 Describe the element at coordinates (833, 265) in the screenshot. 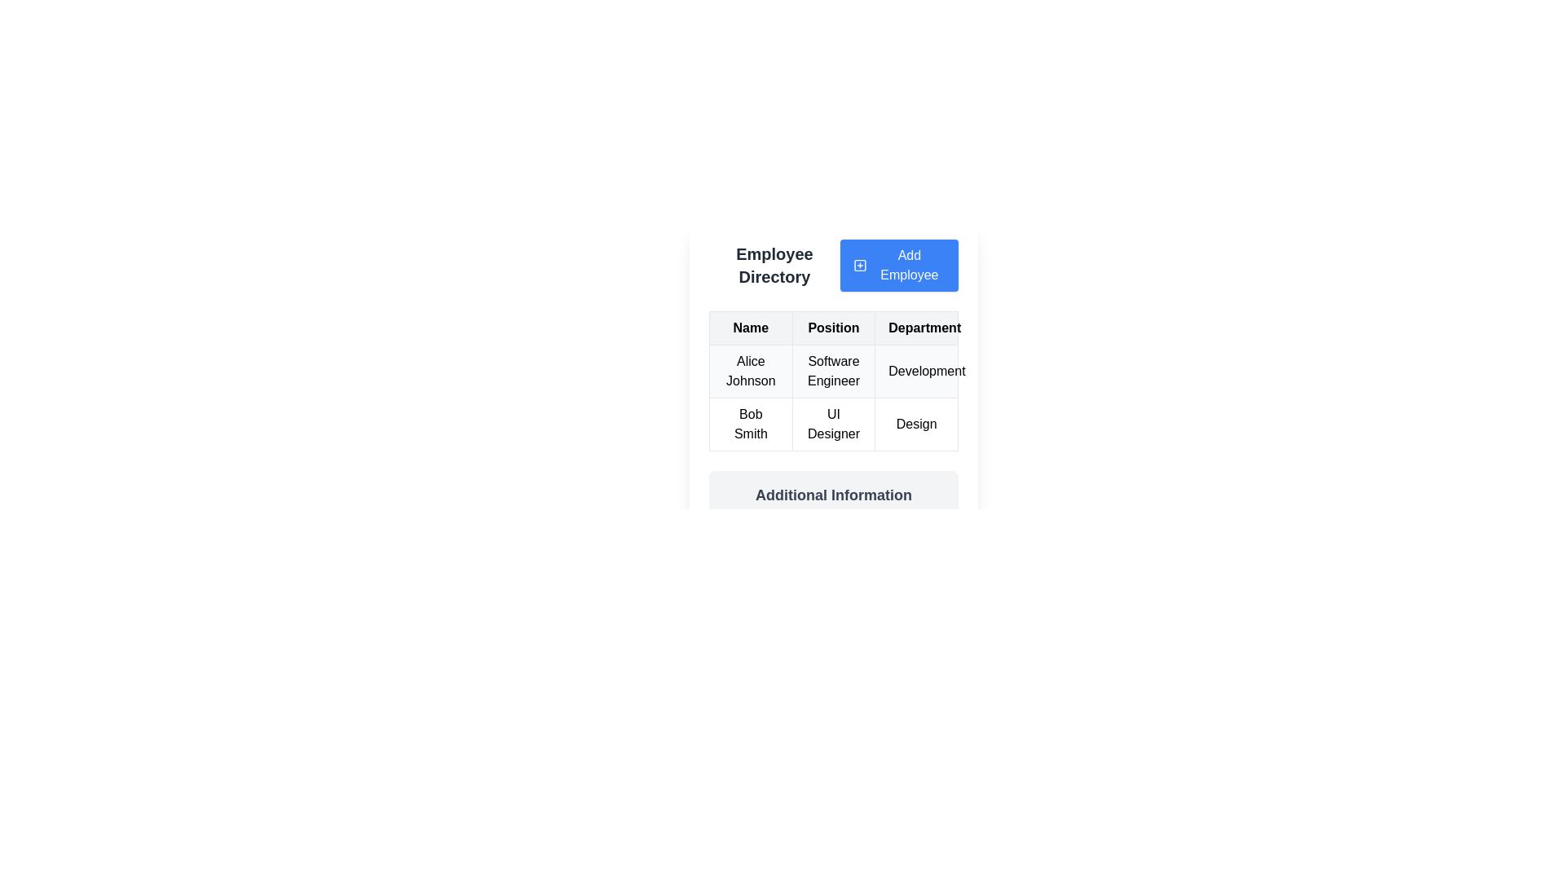

I see `the 'Add Employee' button within the 'Employee Directory' title and action bar to change its color` at that location.